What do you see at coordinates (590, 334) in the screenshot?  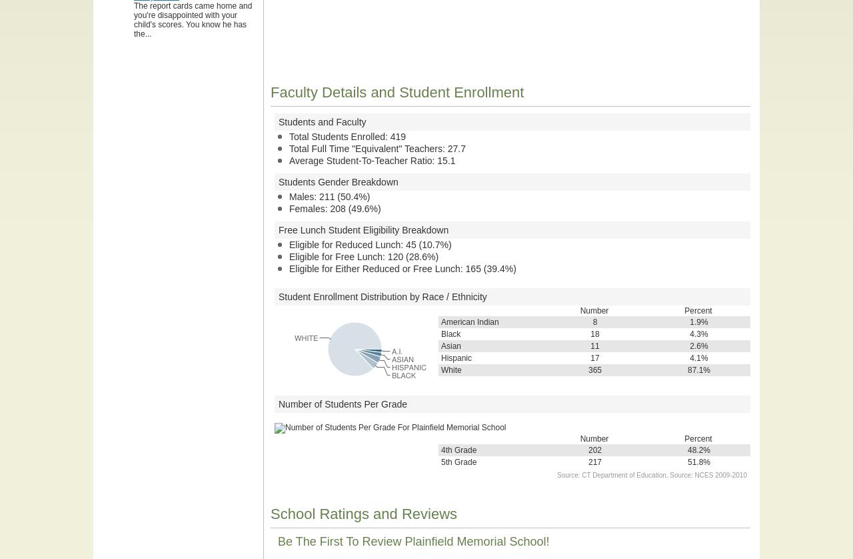 I see `'18'` at bounding box center [590, 334].